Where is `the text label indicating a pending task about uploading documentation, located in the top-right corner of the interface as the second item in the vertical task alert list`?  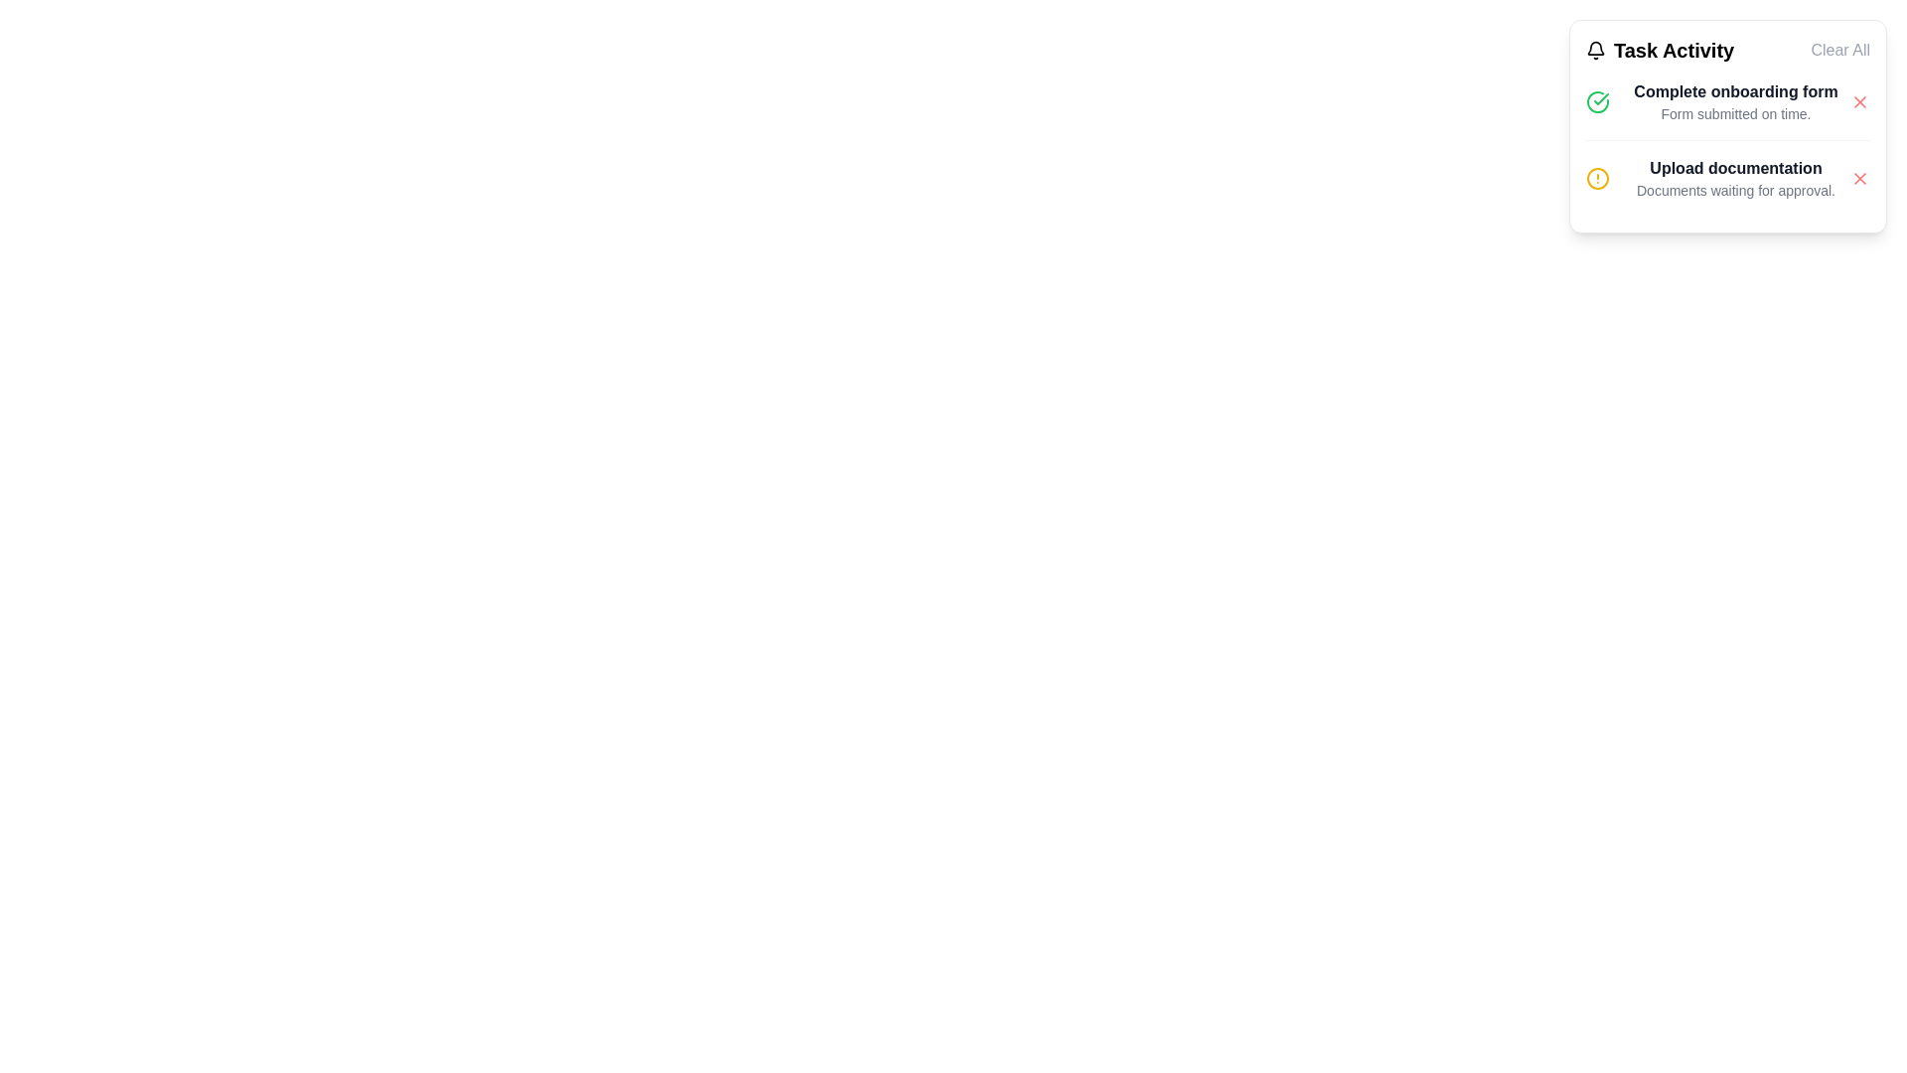 the text label indicating a pending task about uploading documentation, located in the top-right corner of the interface as the second item in the vertical task alert list is located at coordinates (1734, 179).